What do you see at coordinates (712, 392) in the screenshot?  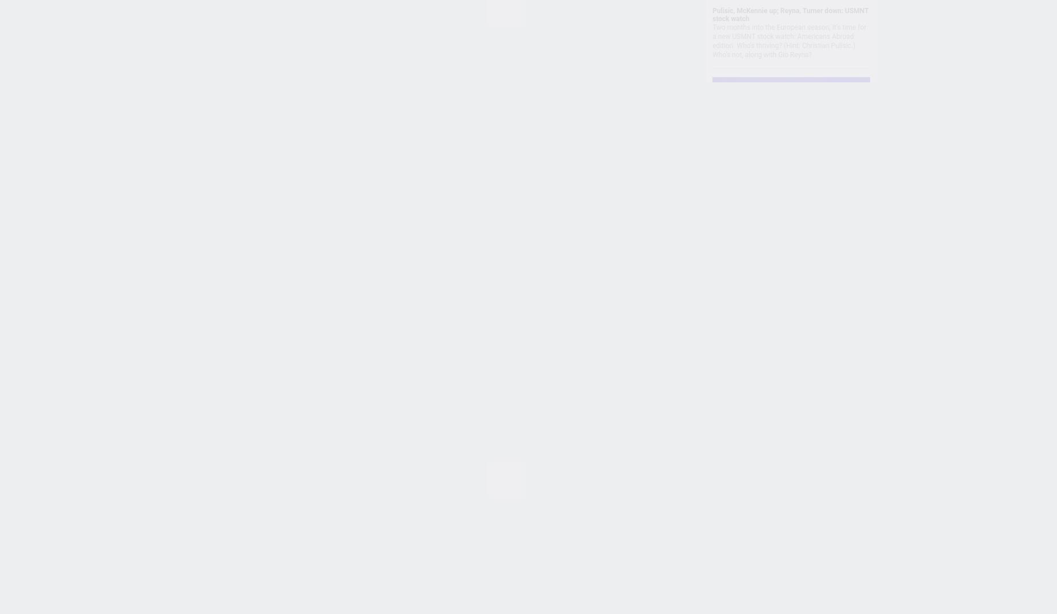 I see `'After a brief hiatus thanks to the winter World Cup in Qatar, ESPN presents its seventh annual ranking of the best men's players and coaches in world soccer! Welcome to FC 100.'` at bounding box center [712, 392].